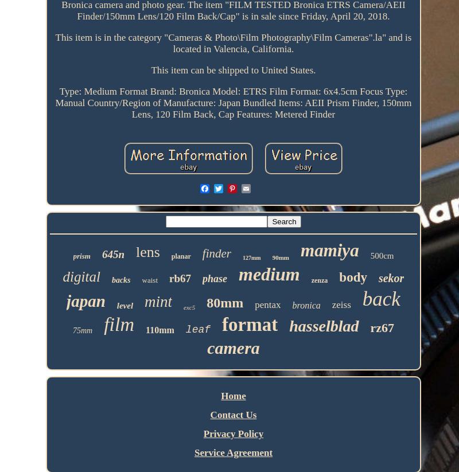 The image size is (459, 472). What do you see at coordinates (72, 256) in the screenshot?
I see `'prism'` at bounding box center [72, 256].